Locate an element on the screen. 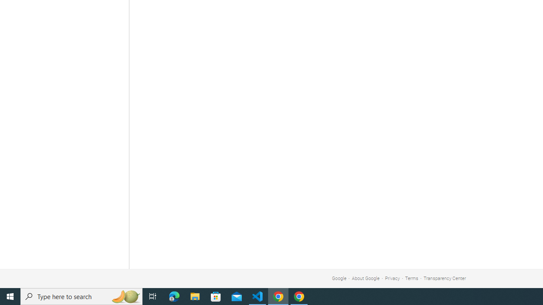 This screenshot has width=543, height=305. 'Transparency Center' is located at coordinates (444, 278).